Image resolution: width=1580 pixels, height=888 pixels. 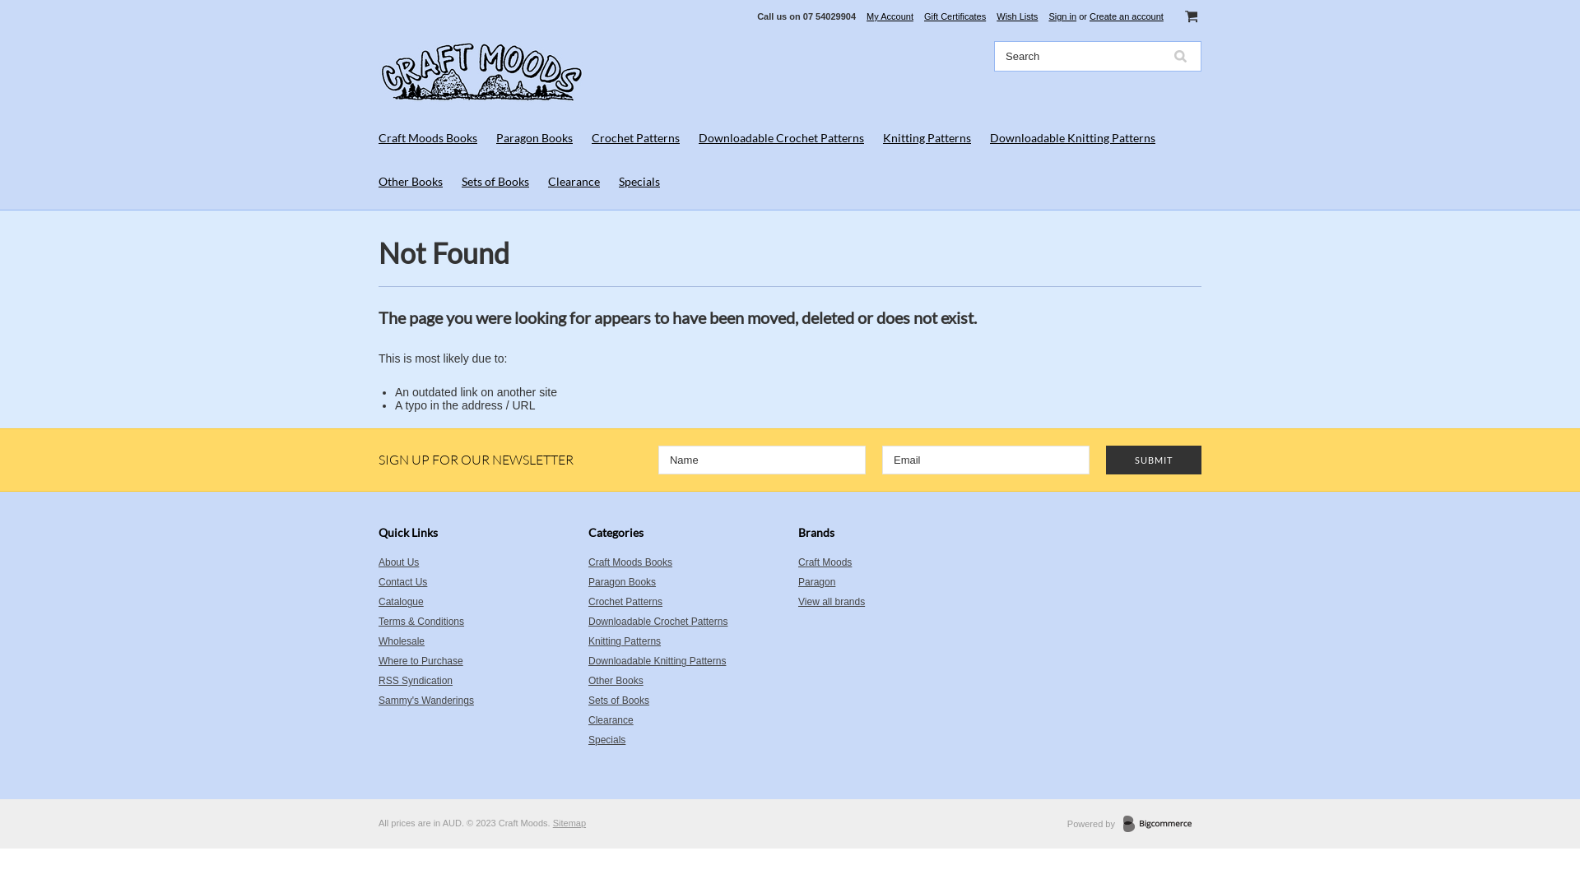 What do you see at coordinates (588, 659) in the screenshot?
I see `'Downloadable Knitting Patterns'` at bounding box center [588, 659].